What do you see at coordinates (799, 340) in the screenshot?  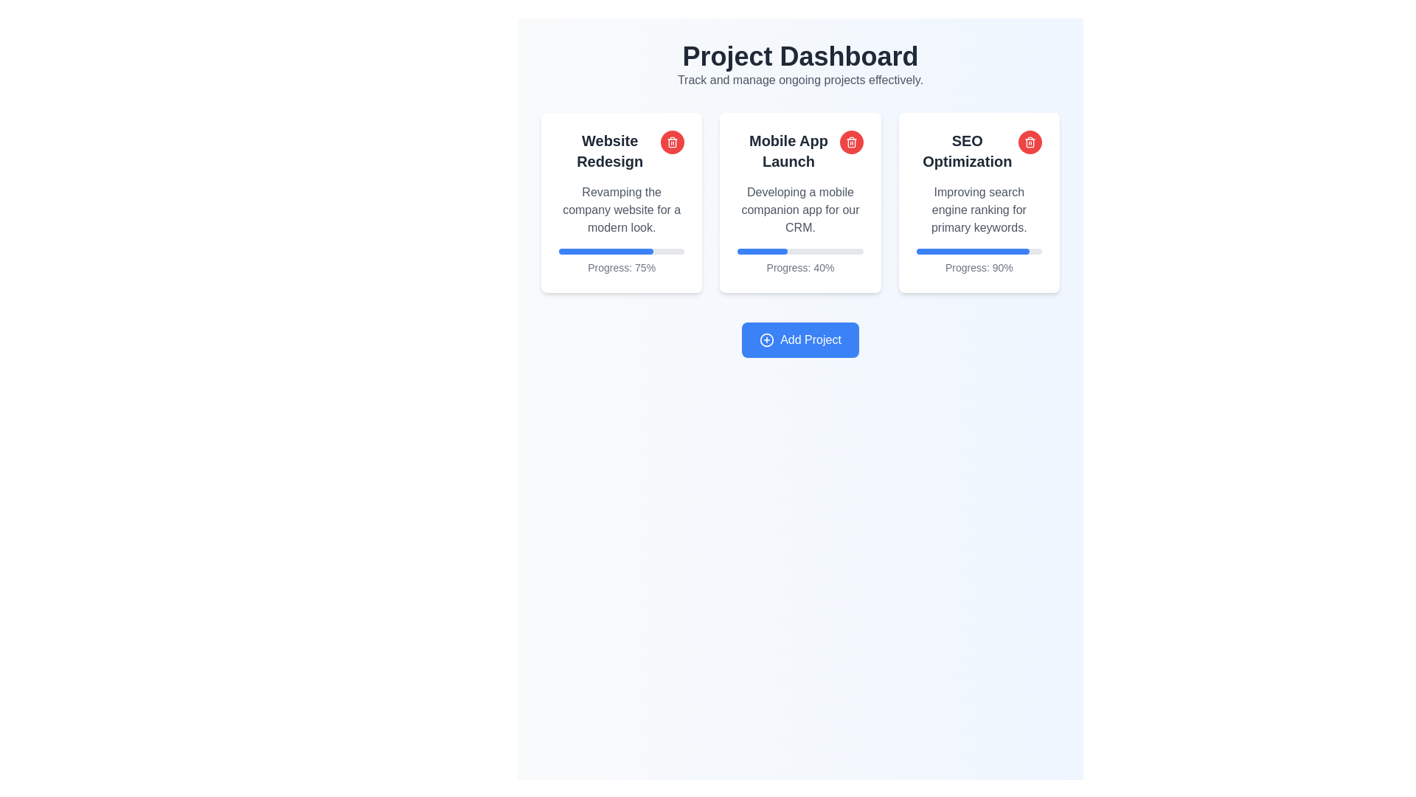 I see `the button located centrally near the bottom of the interface` at bounding box center [799, 340].